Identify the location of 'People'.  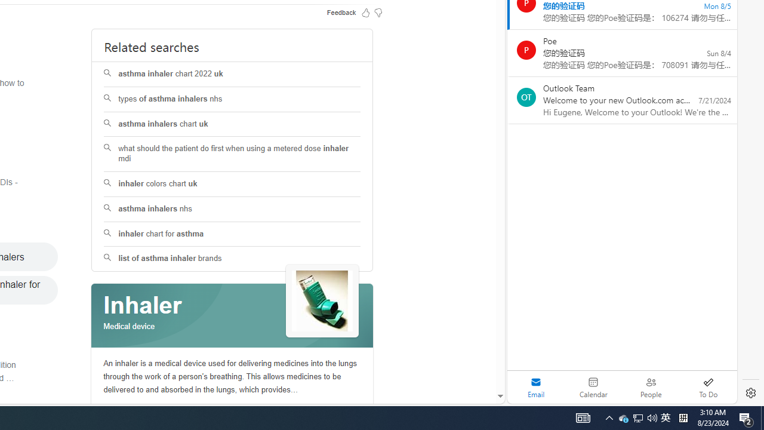
(650, 387).